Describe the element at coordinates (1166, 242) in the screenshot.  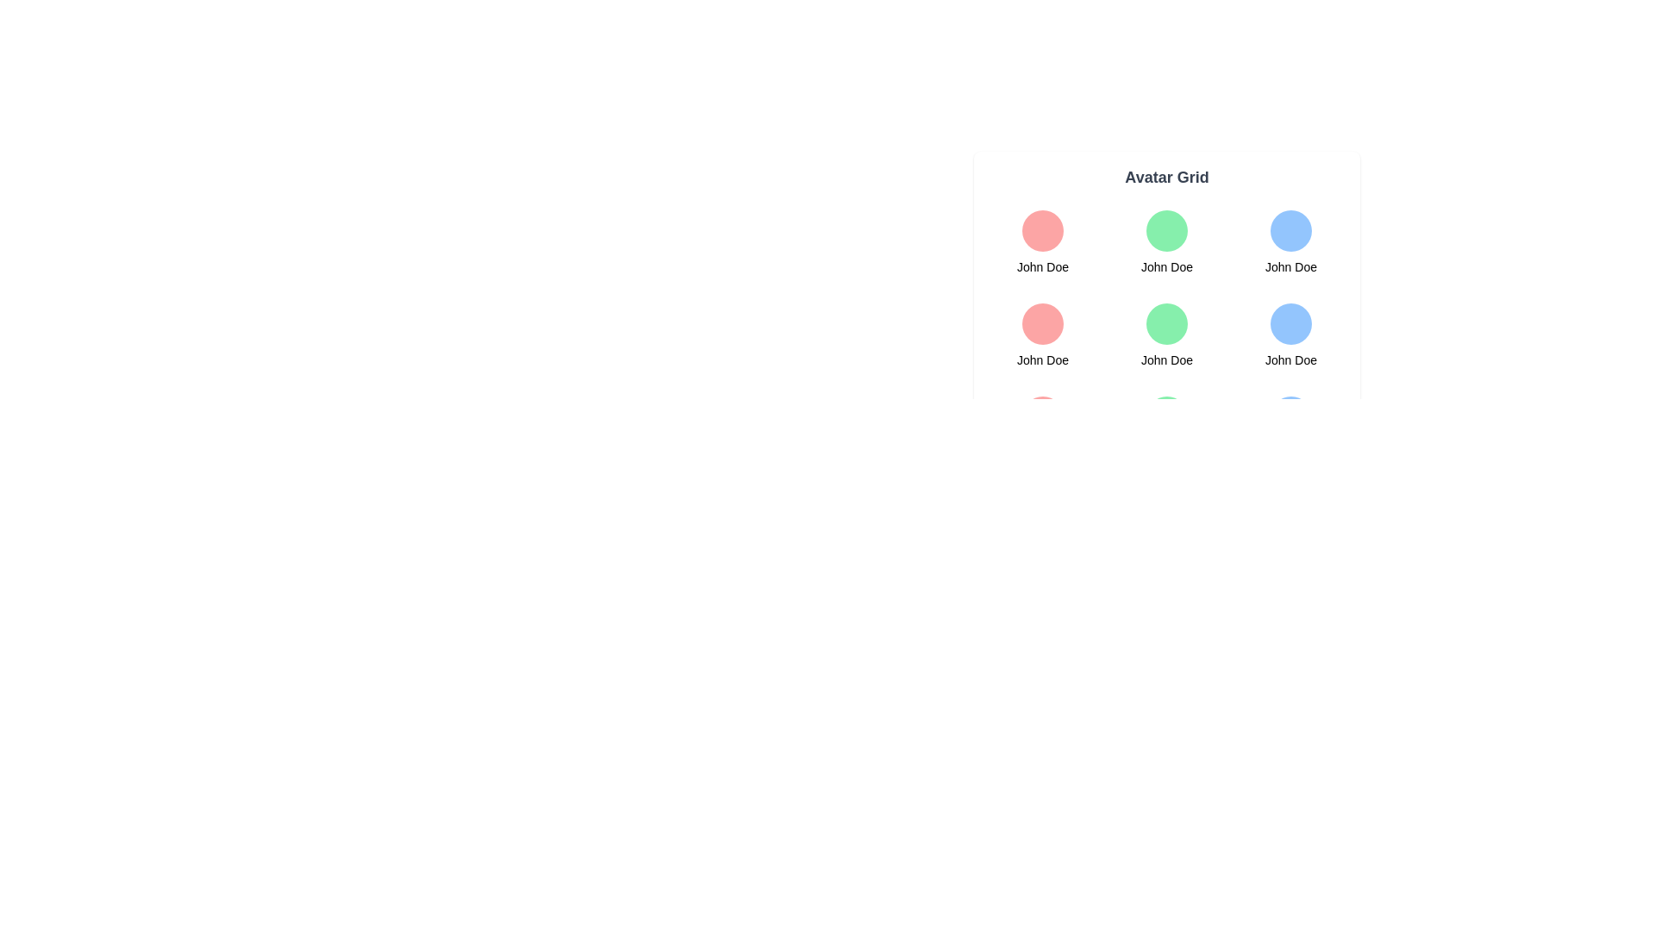
I see `the profile avatar labeled 'John Doe' with a circular green background` at that location.